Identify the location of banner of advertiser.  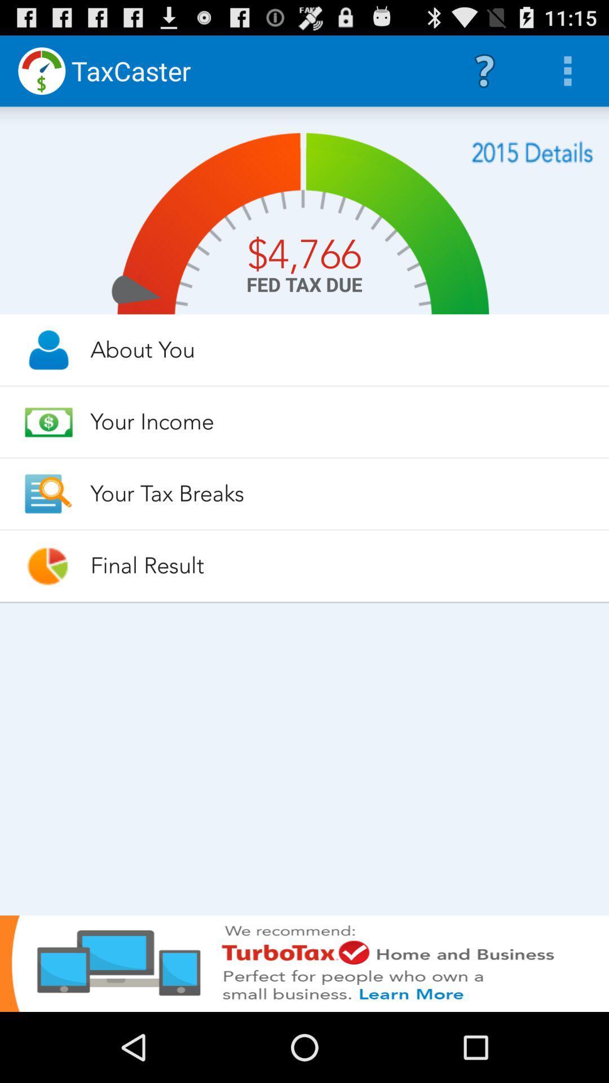
(304, 963).